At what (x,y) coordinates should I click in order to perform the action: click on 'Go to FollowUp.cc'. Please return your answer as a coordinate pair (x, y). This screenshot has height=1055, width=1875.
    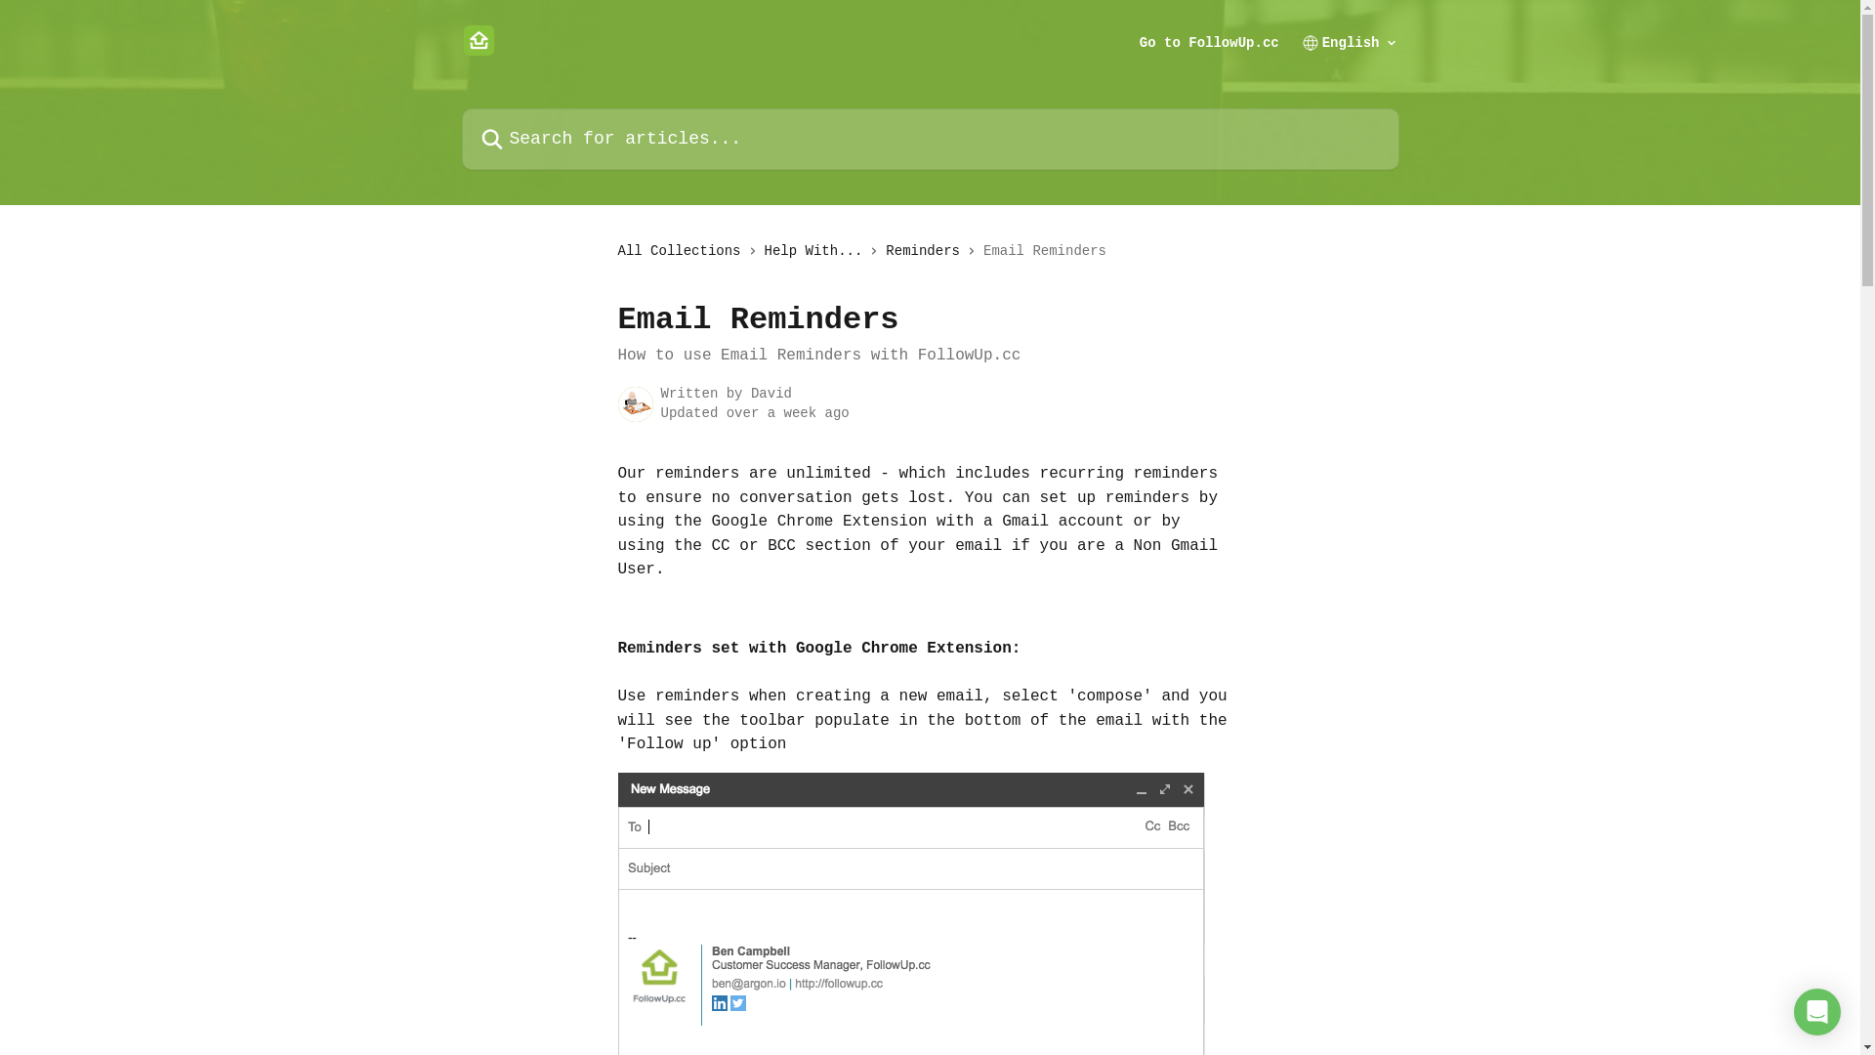
    Looking at the image, I should click on (1208, 41).